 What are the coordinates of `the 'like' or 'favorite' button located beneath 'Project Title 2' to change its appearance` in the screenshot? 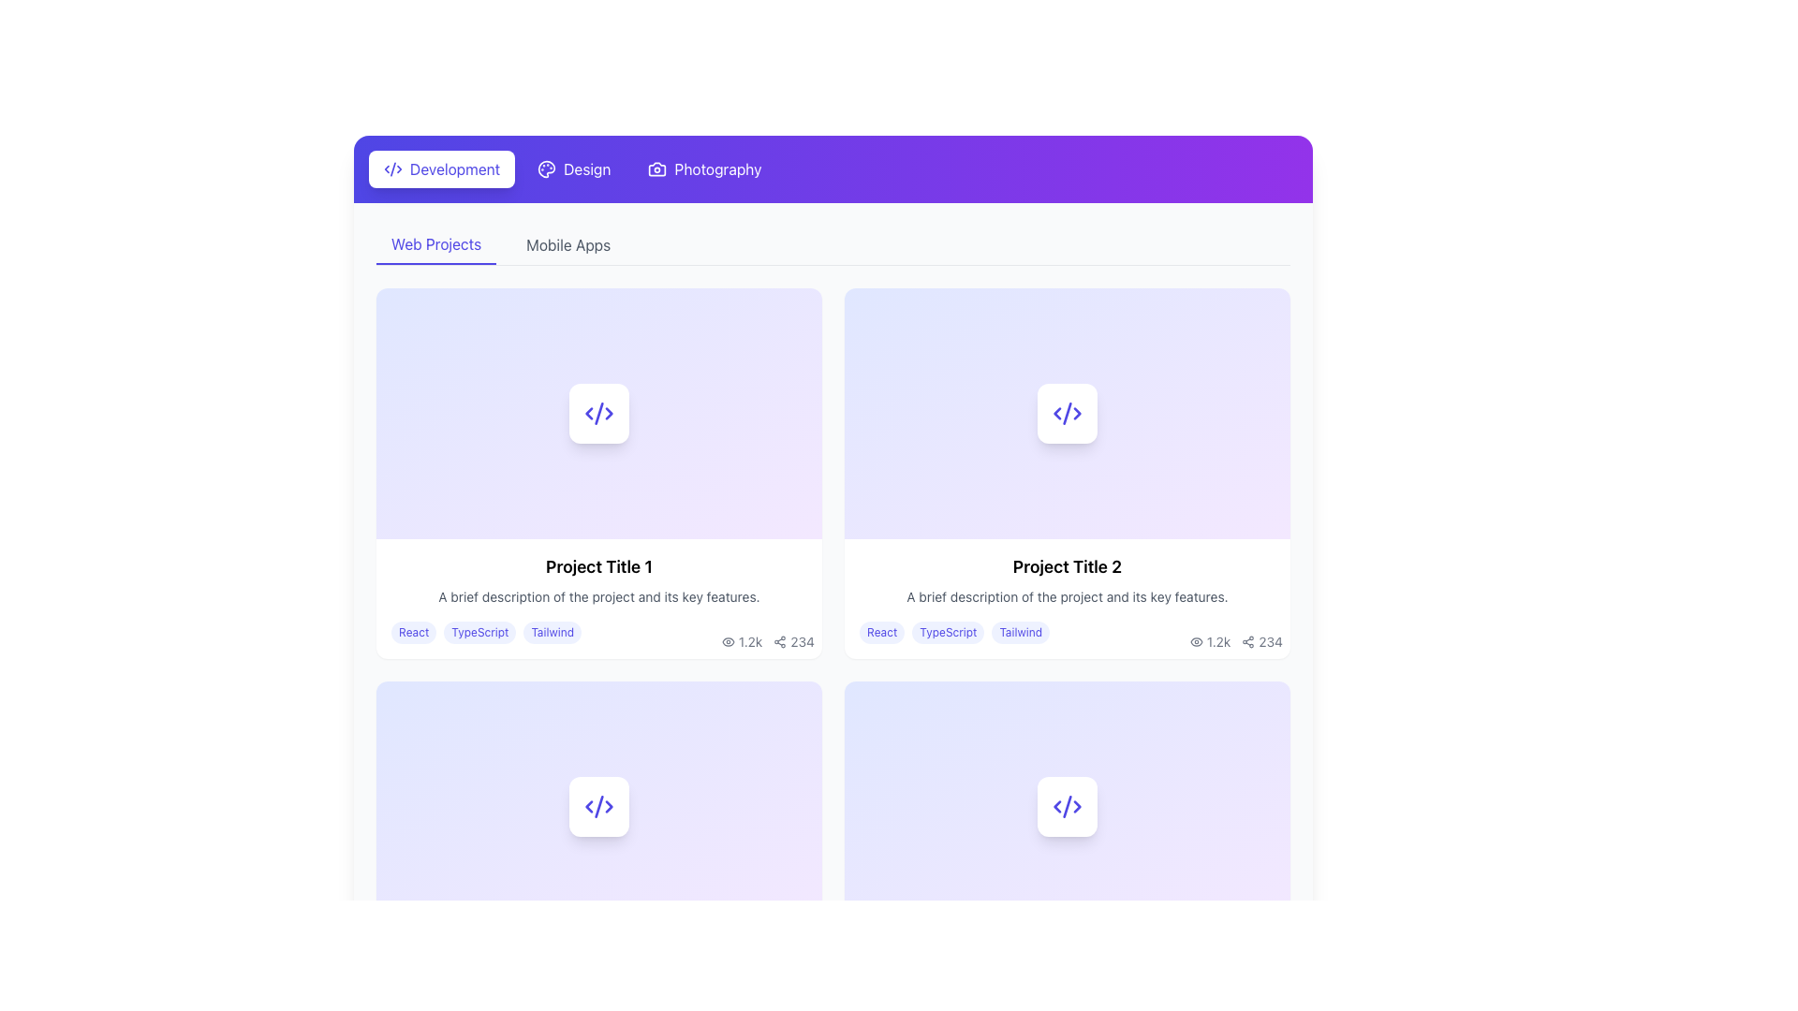 It's located at (800, 703).